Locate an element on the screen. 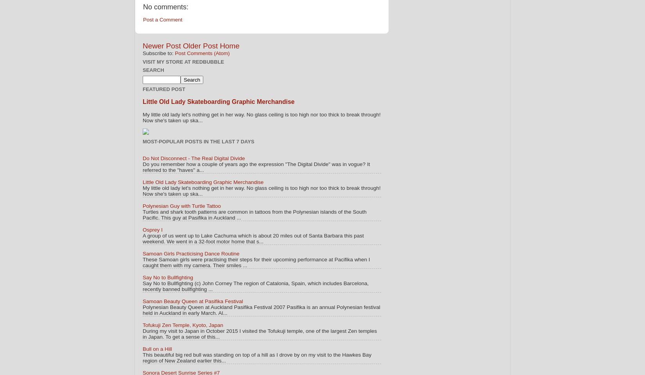  'Do Not Disconnect - The Real Digital Divide' is located at coordinates (142, 158).